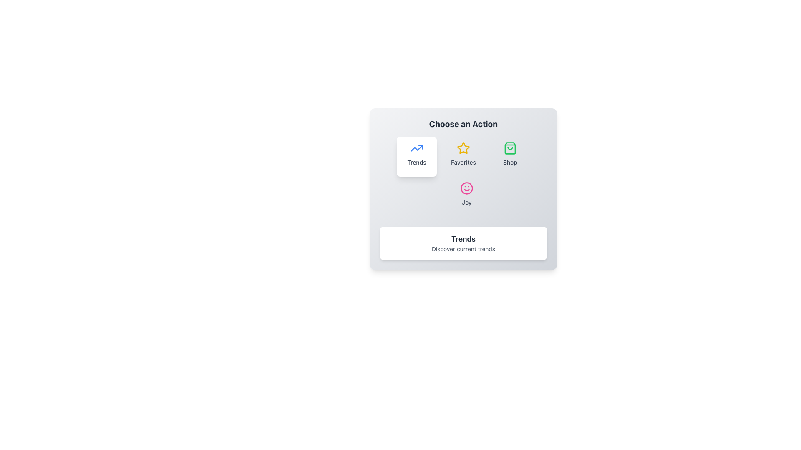 Image resolution: width=801 pixels, height=450 pixels. I want to click on the appearance of the 'Favorites' icon located in the middle-right of the grid layout, above the 'Favorites' text label, so click(463, 147).